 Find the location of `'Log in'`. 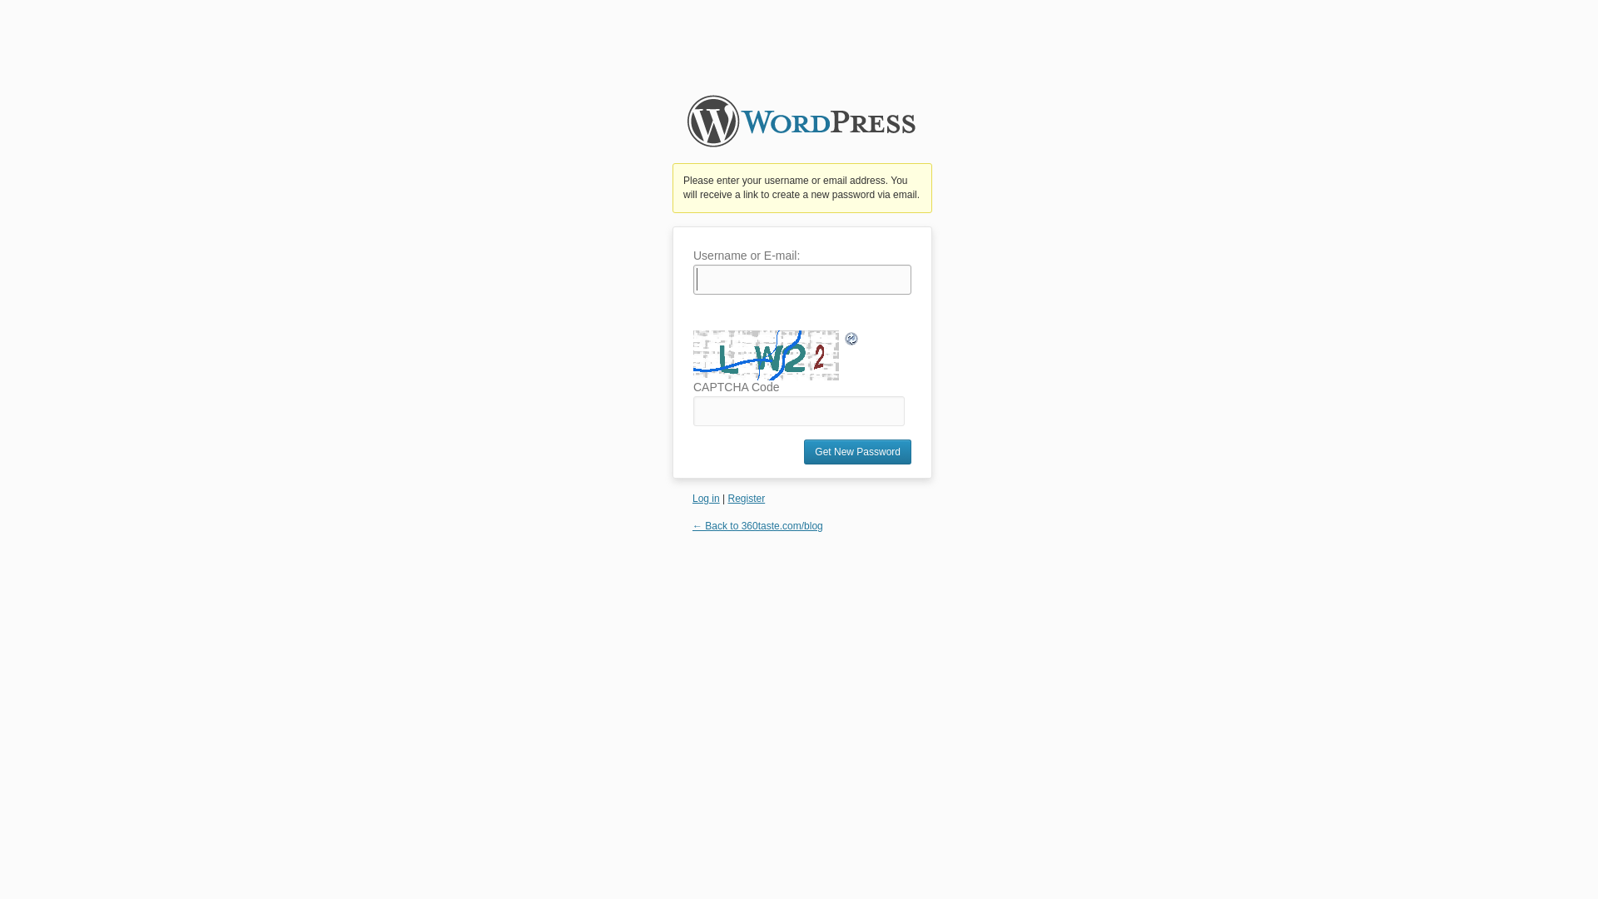

'Log in' is located at coordinates (706, 497).